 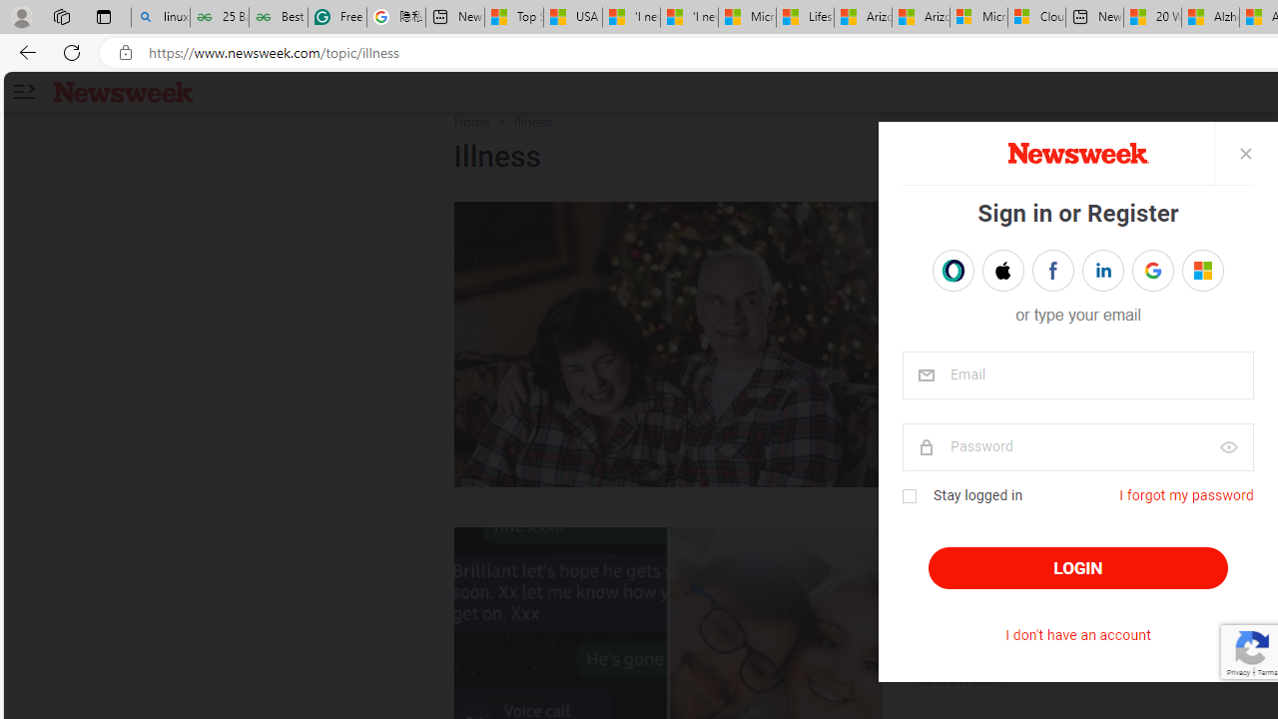 What do you see at coordinates (21, 16) in the screenshot?
I see `'Personal Profile'` at bounding box center [21, 16].